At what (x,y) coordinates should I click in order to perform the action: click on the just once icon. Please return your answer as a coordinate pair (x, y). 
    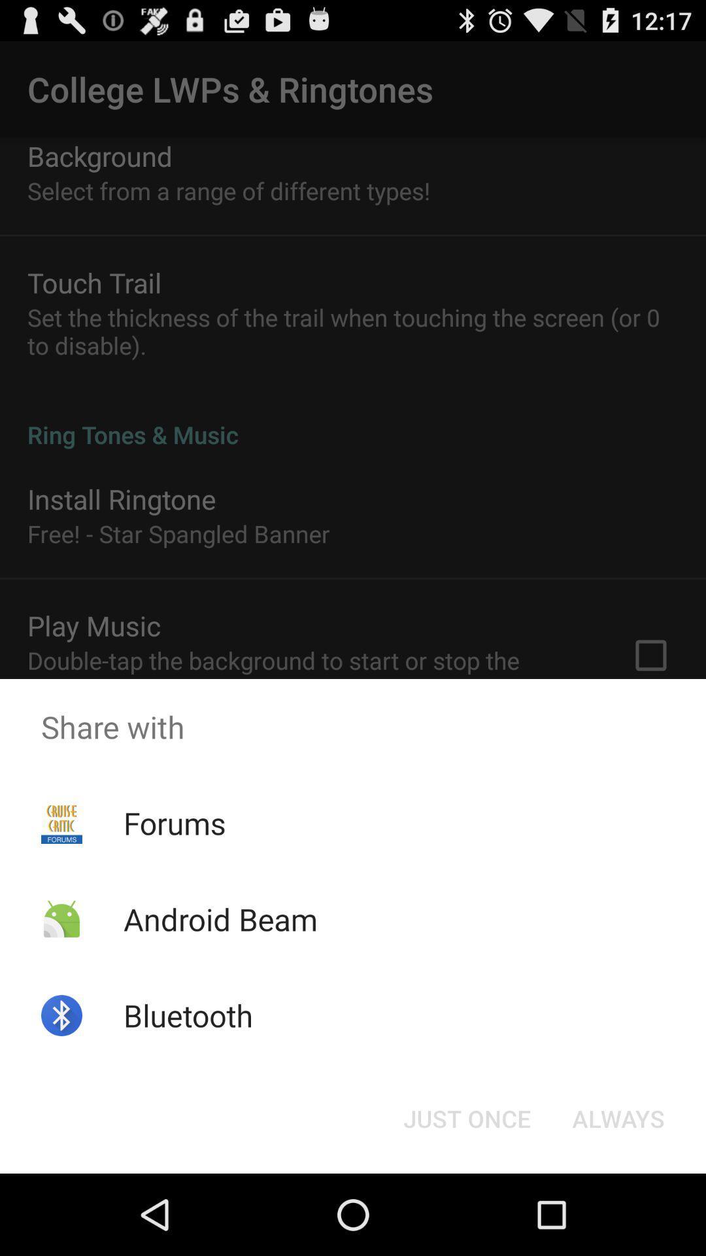
    Looking at the image, I should click on (466, 1117).